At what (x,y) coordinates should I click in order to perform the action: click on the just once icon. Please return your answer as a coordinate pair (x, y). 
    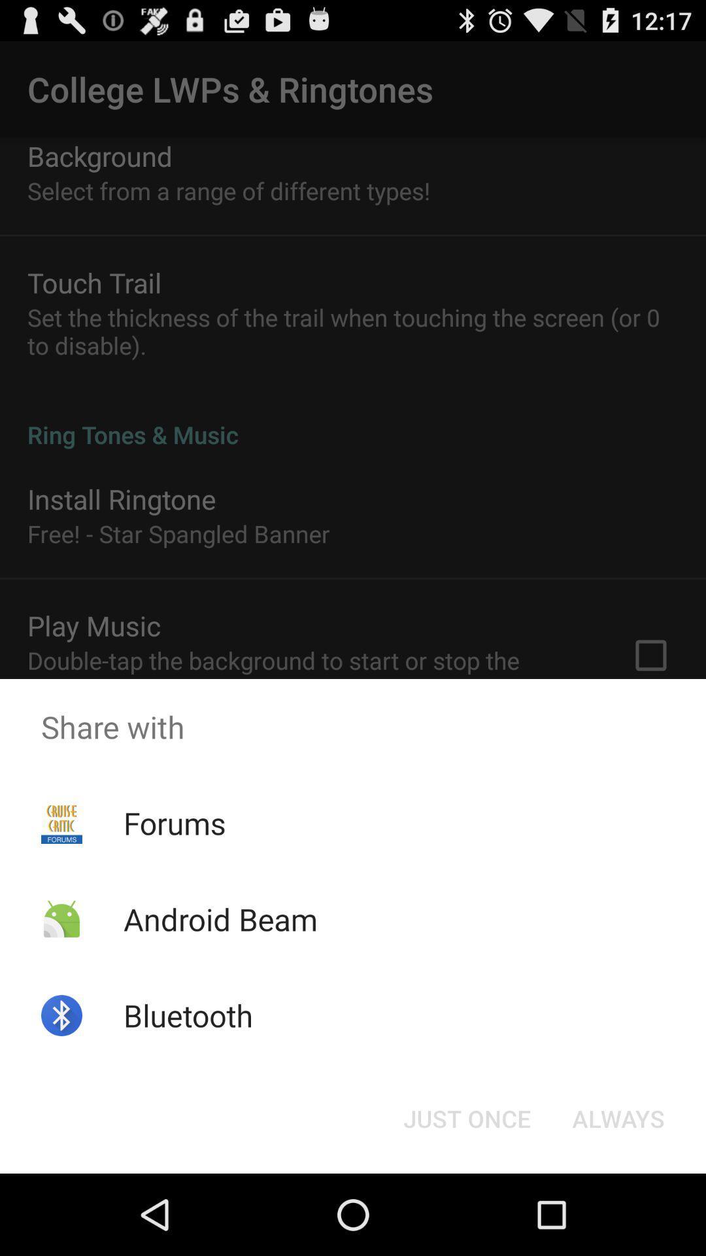
    Looking at the image, I should click on (466, 1117).